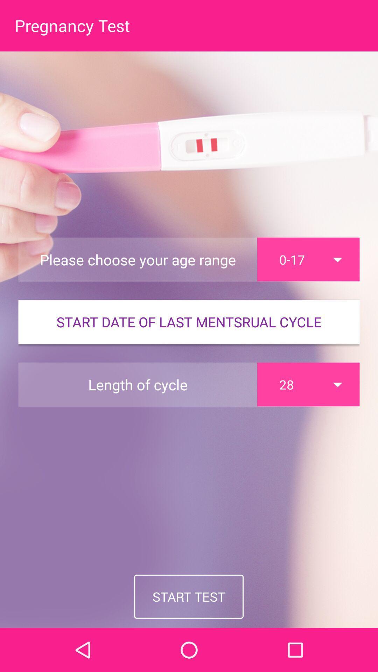  What do you see at coordinates (189, 322) in the screenshot?
I see `start date of` at bounding box center [189, 322].